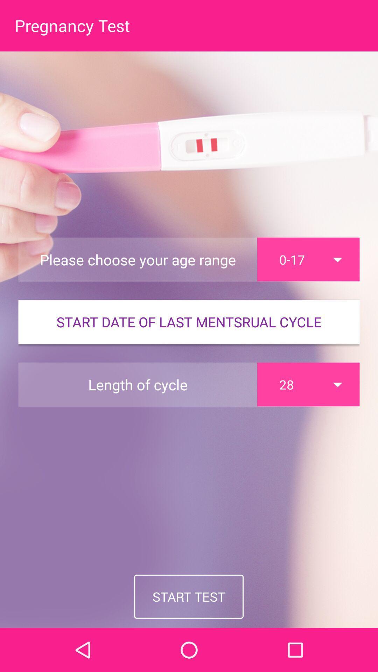  What do you see at coordinates (189, 322) in the screenshot?
I see `start date of` at bounding box center [189, 322].